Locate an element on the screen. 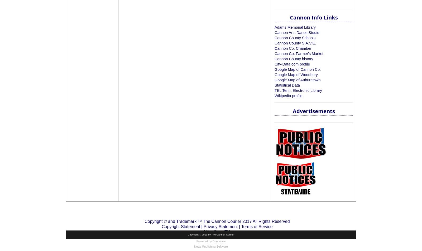 The width and height of the screenshot is (422, 251). 'Adams Memorial Library' is located at coordinates (295, 27).